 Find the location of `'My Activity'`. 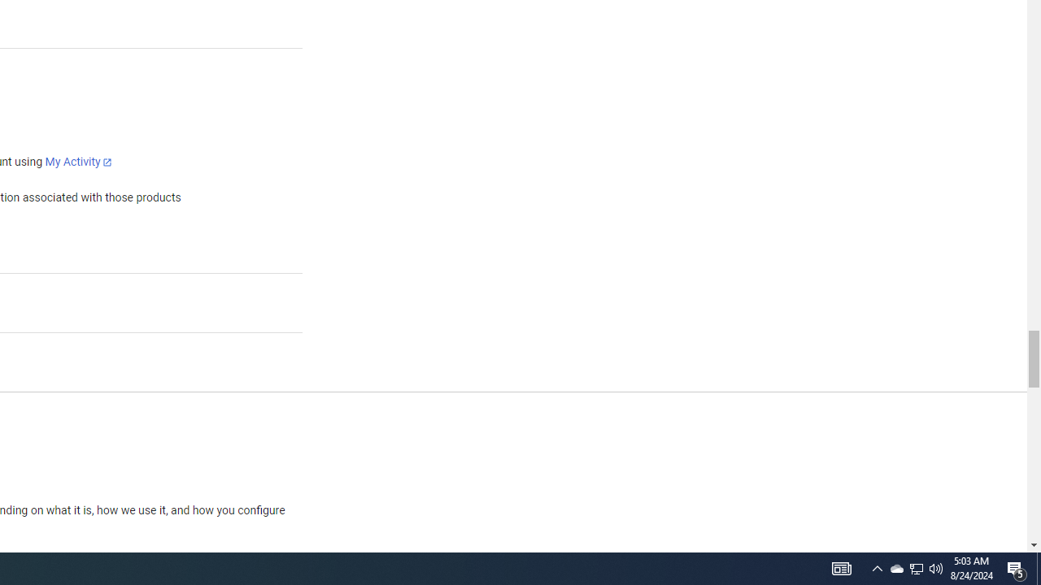

'My Activity' is located at coordinates (77, 162).